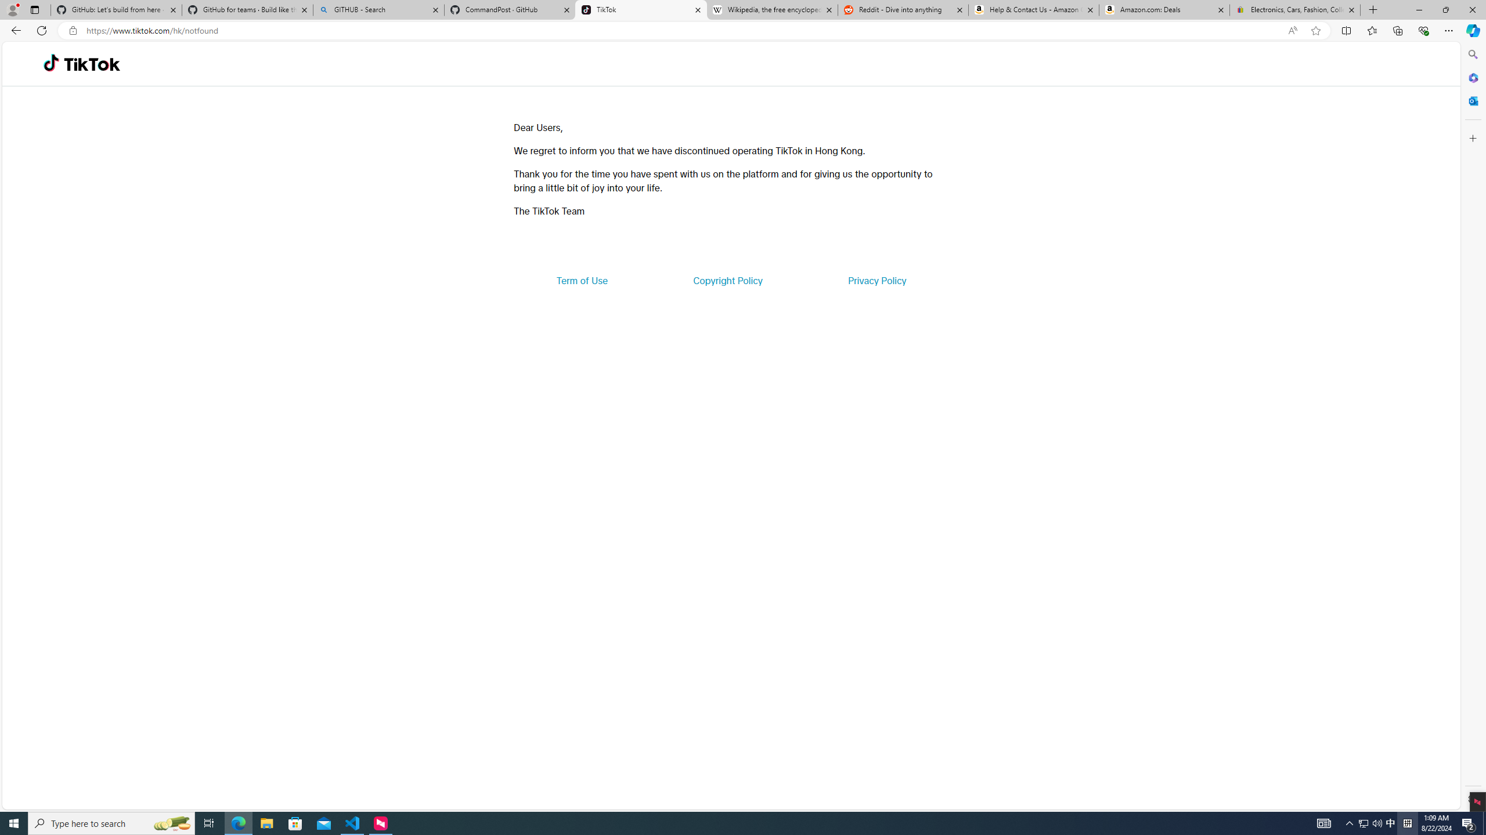 The width and height of the screenshot is (1486, 835). Describe the element at coordinates (771, 9) in the screenshot. I see `'Wikipedia, the free encyclopedia'` at that location.